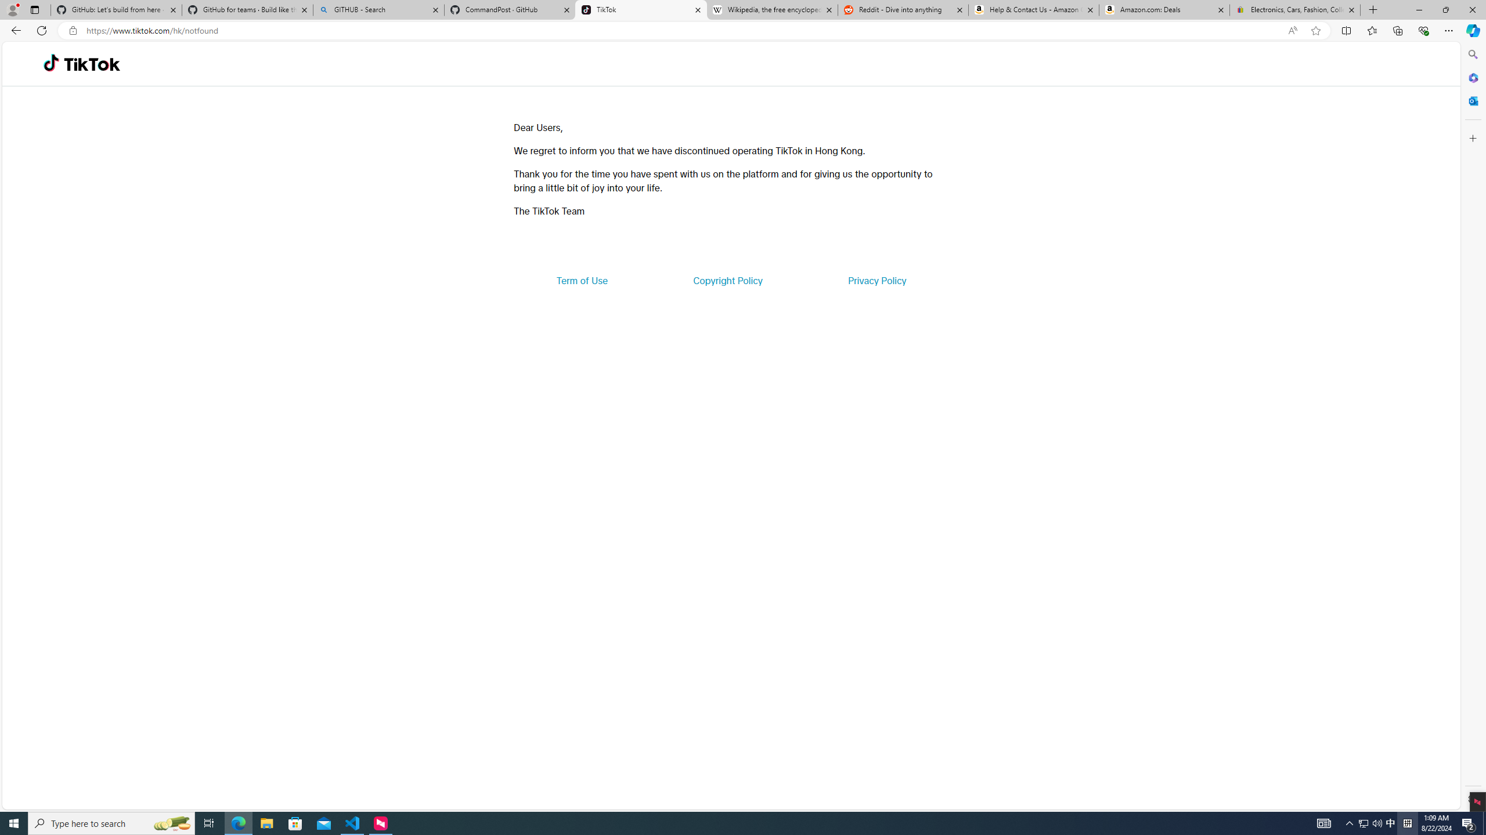 The width and height of the screenshot is (1486, 835). Describe the element at coordinates (771, 9) in the screenshot. I see `'Wikipedia, the free encyclopedia'` at that location.